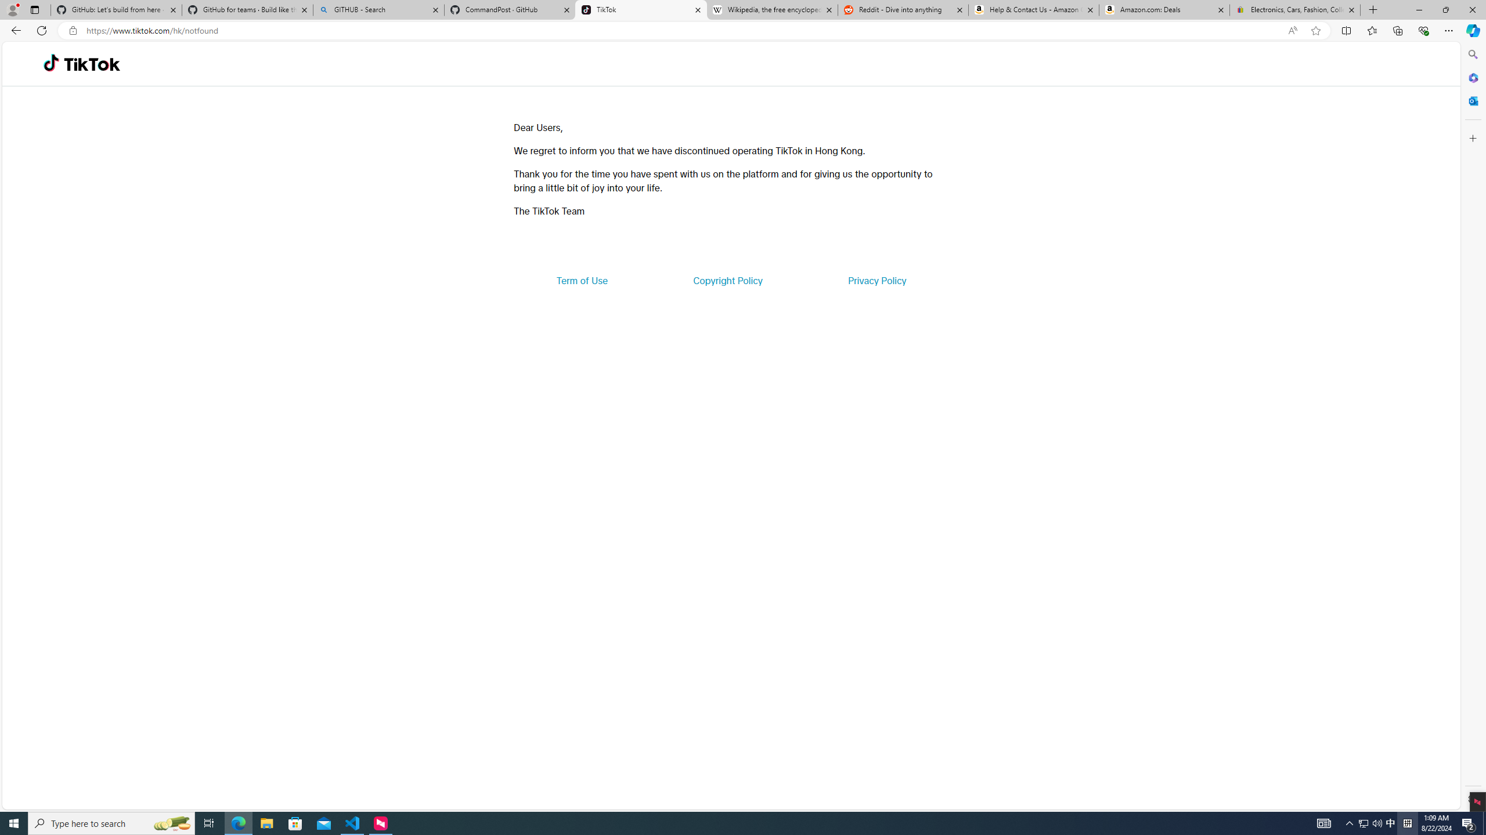 The width and height of the screenshot is (1486, 835). Describe the element at coordinates (771, 9) in the screenshot. I see `'Wikipedia, the free encyclopedia'` at that location.